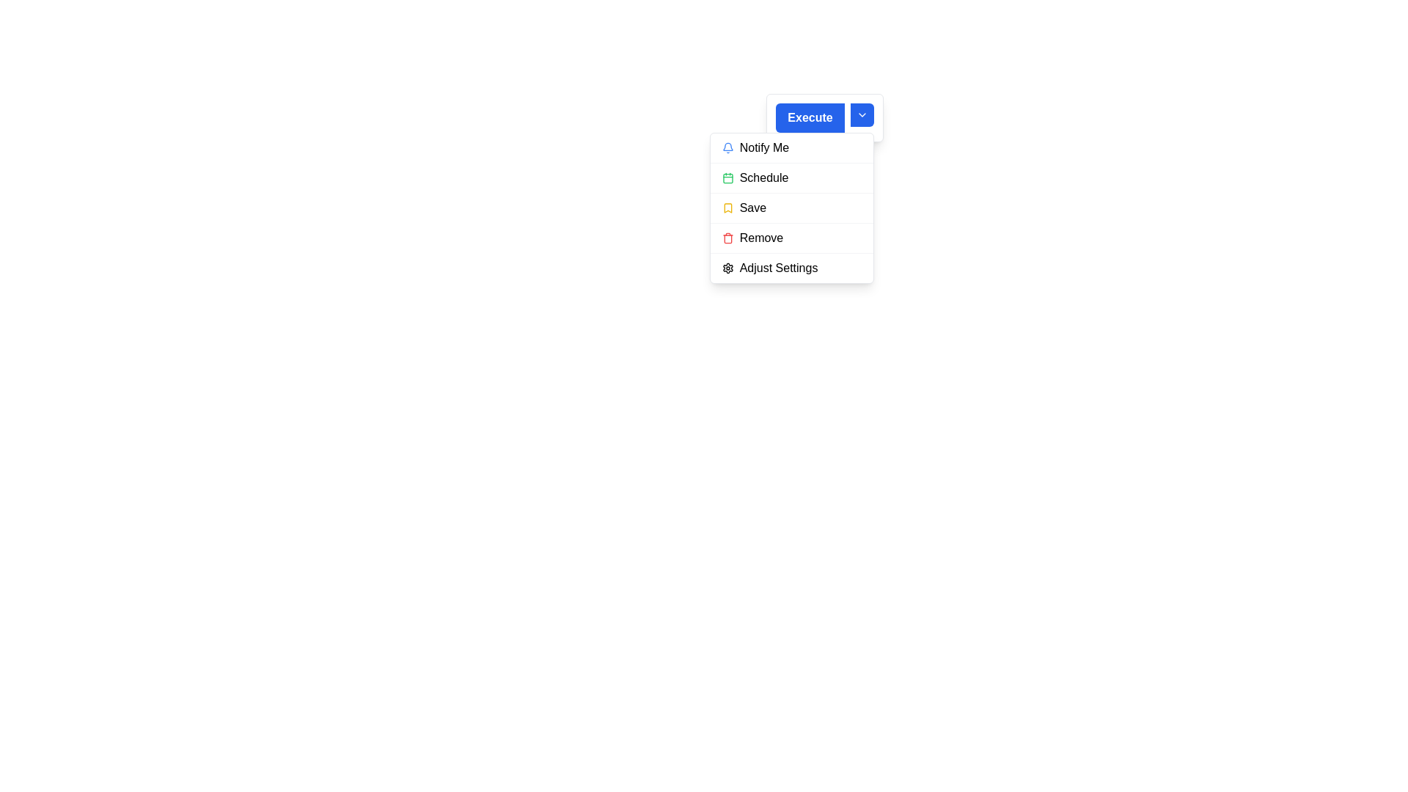 This screenshot has height=792, width=1408. Describe the element at coordinates (809, 117) in the screenshot. I see `the vibrant blue 'Execute' button located at the top-left of the control panel` at that location.